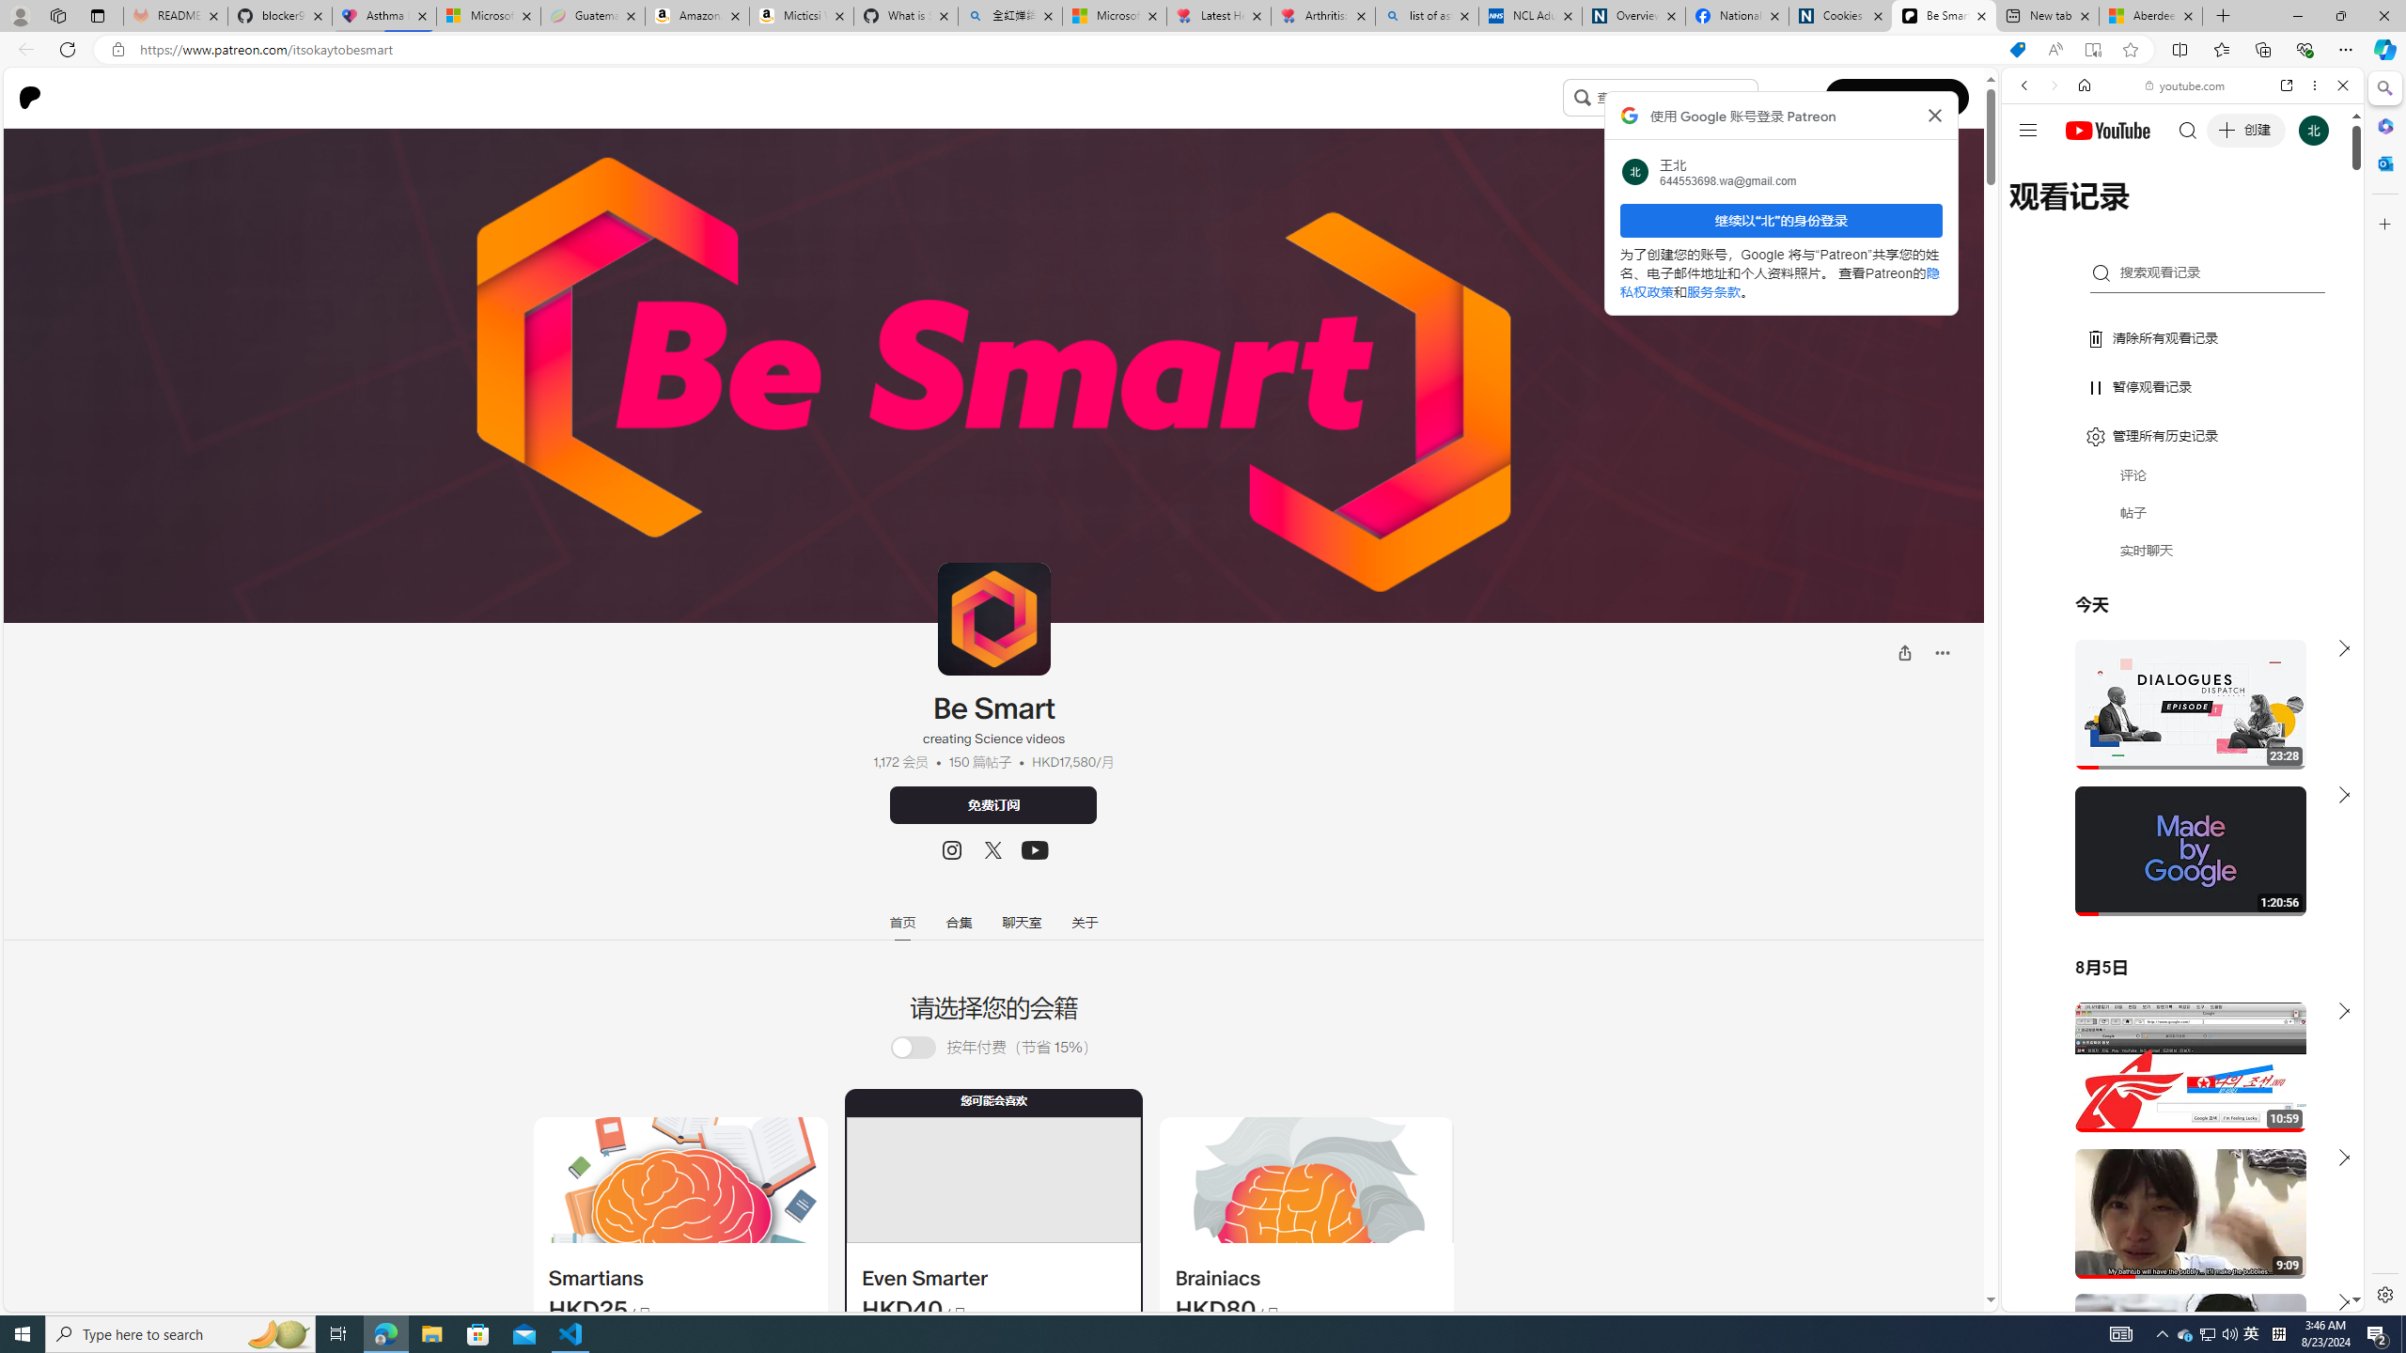 Image resolution: width=2406 pixels, height=1353 pixels. I want to click on 'Patreon logo', so click(30, 97).